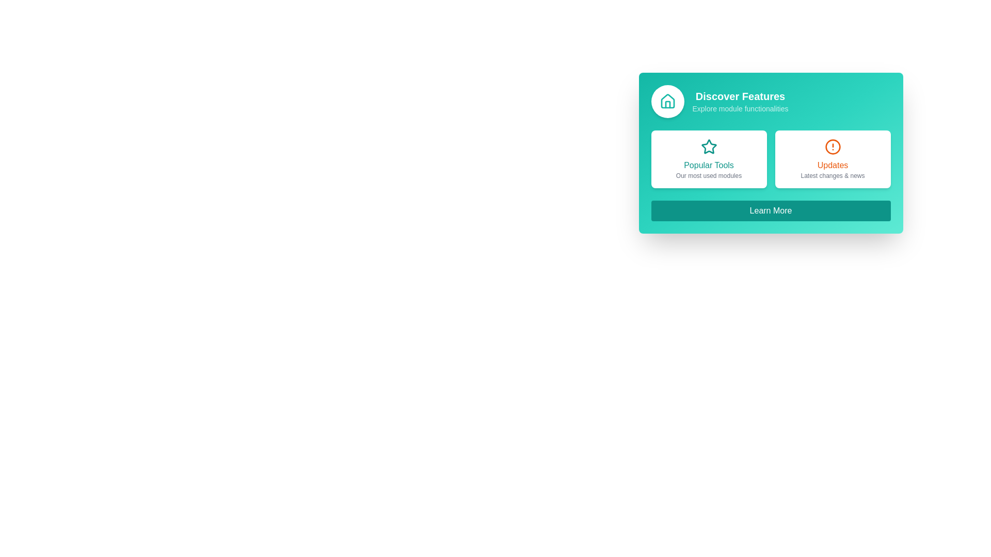 Image resolution: width=991 pixels, height=557 pixels. What do you see at coordinates (708, 175) in the screenshot?
I see `the static text element that contains the phrase 'Our most used modules', which is located beneath the 'Popular Tools' section in the 'Discover Features' card` at bounding box center [708, 175].